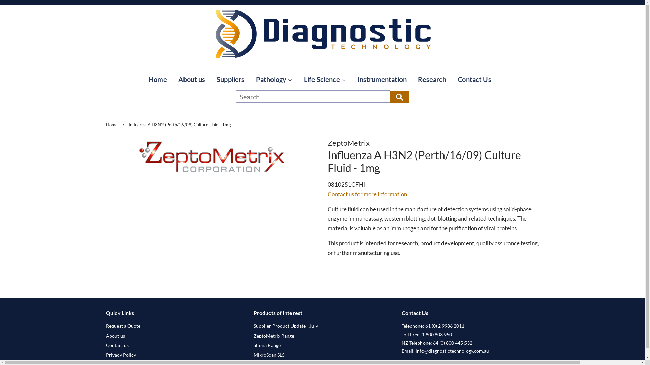 The width and height of the screenshot is (650, 365). I want to click on 'About us', so click(105, 336).